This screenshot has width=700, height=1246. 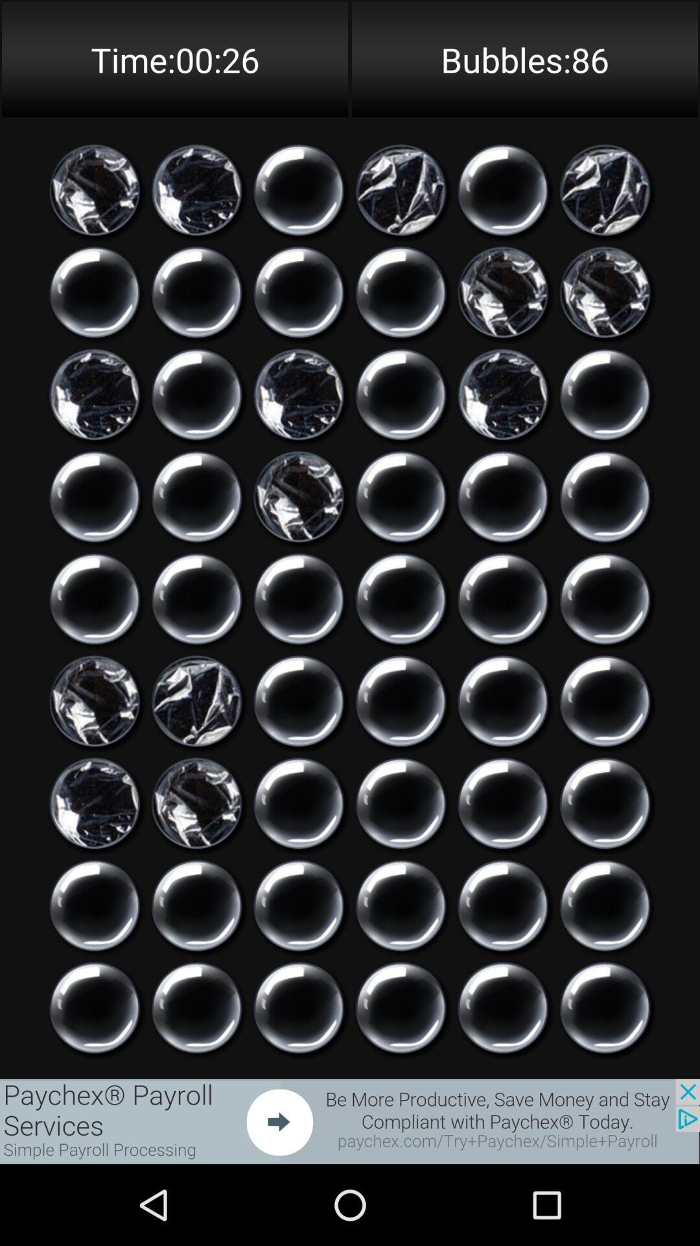 What do you see at coordinates (400, 1007) in the screenshot?
I see `pop a bubble` at bounding box center [400, 1007].